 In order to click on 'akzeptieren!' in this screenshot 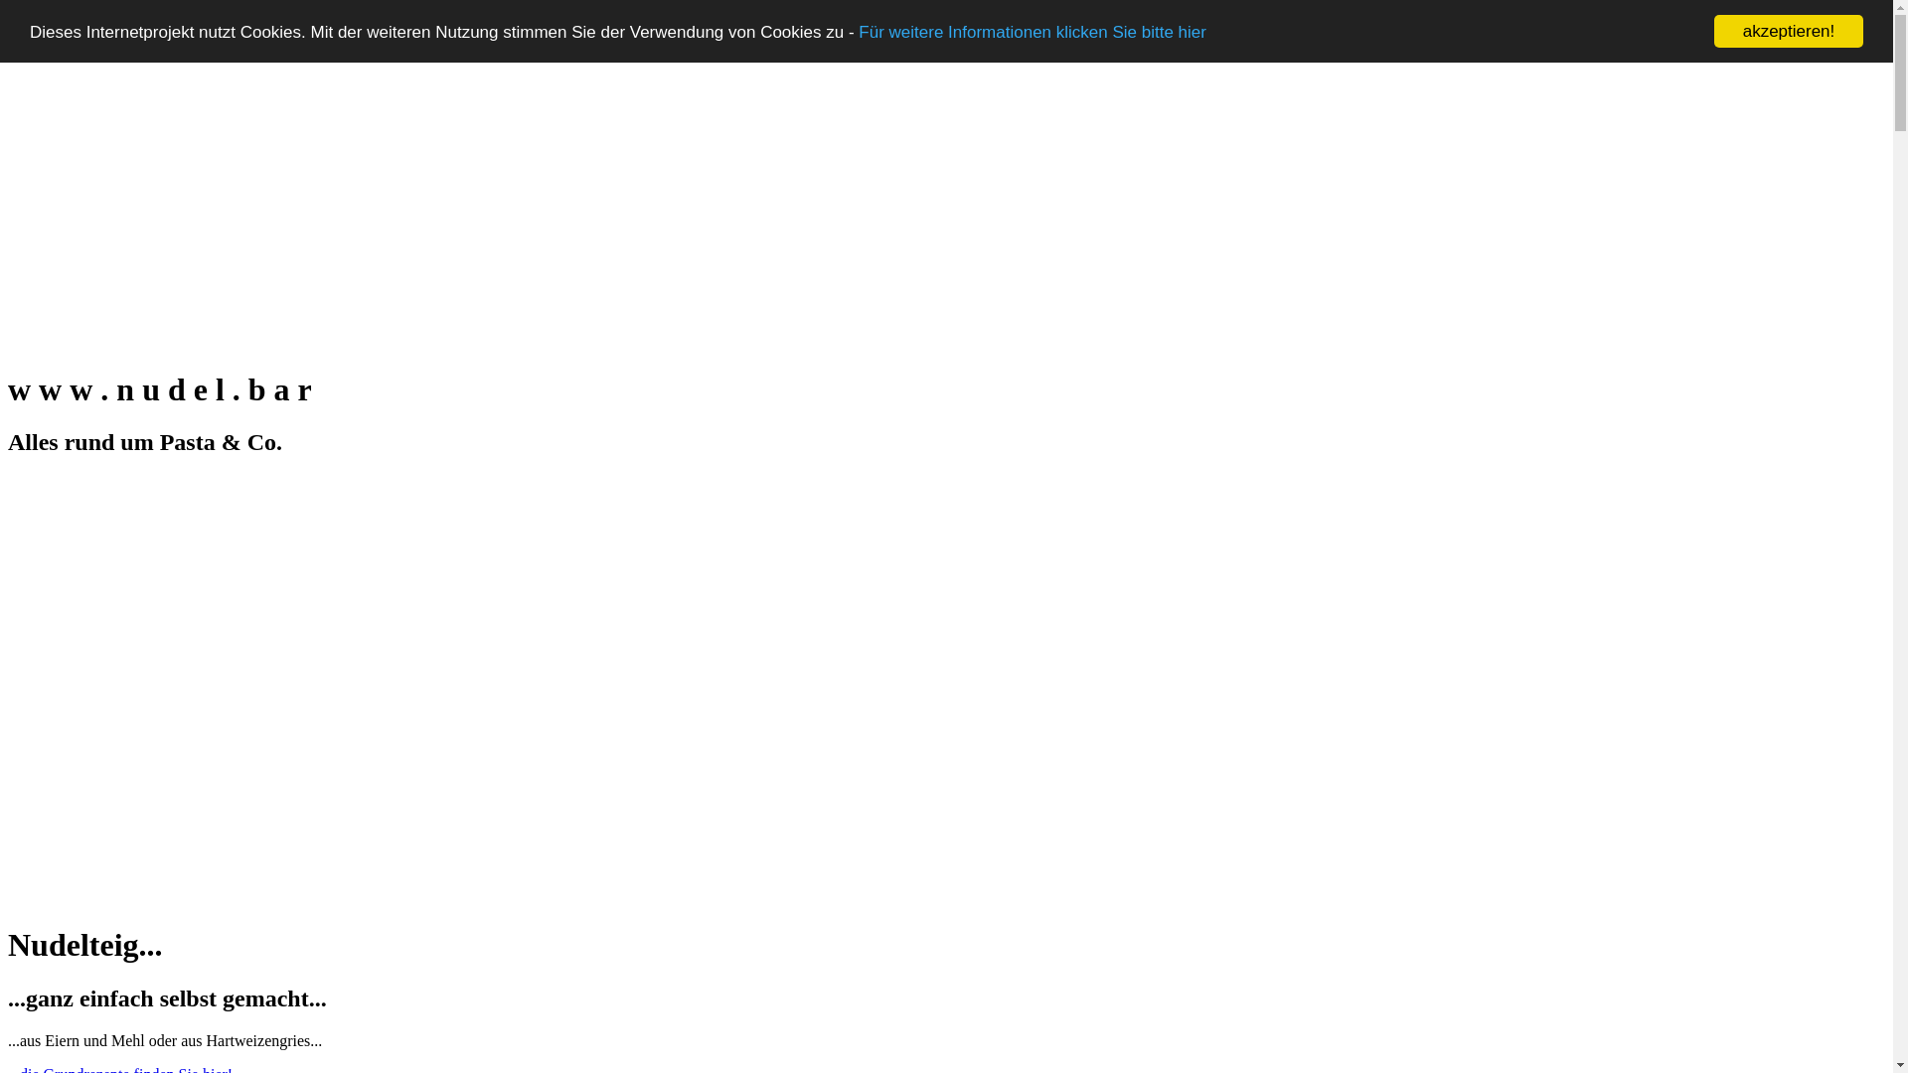, I will do `click(1789, 31)`.